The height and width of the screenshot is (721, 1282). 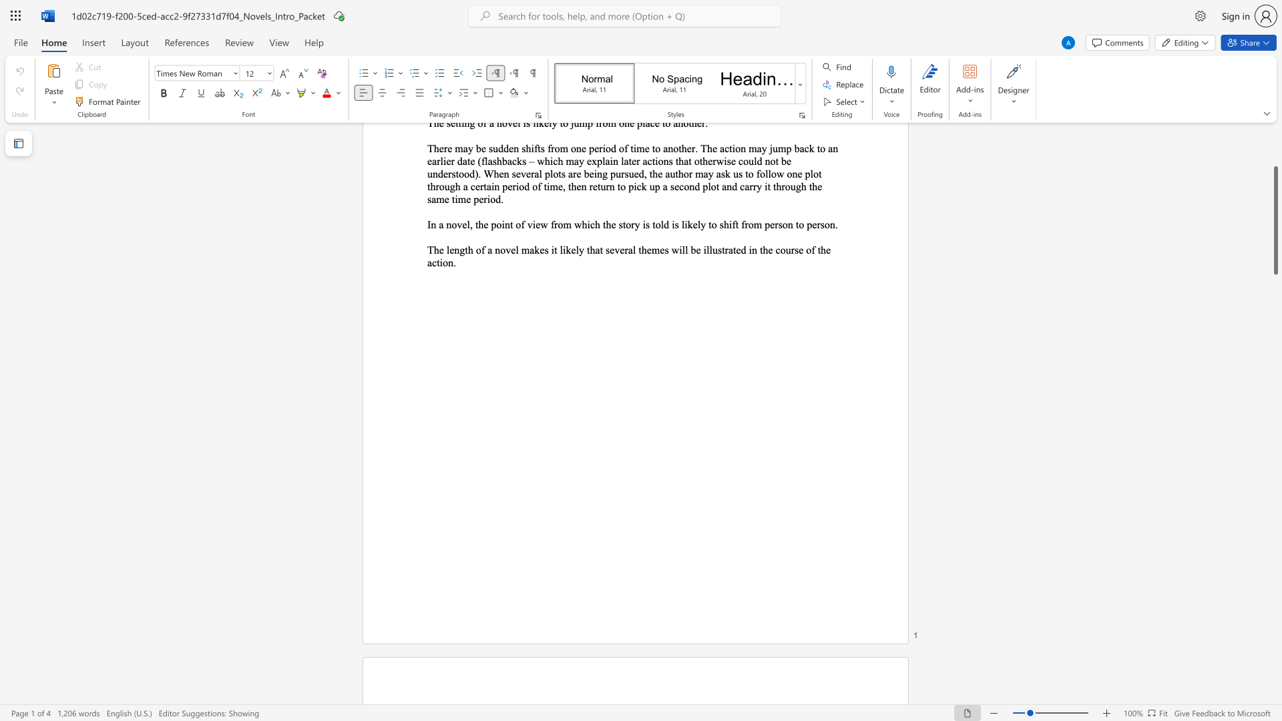 I want to click on the scrollbar and move down 2350 pixels, so click(x=1275, y=220).